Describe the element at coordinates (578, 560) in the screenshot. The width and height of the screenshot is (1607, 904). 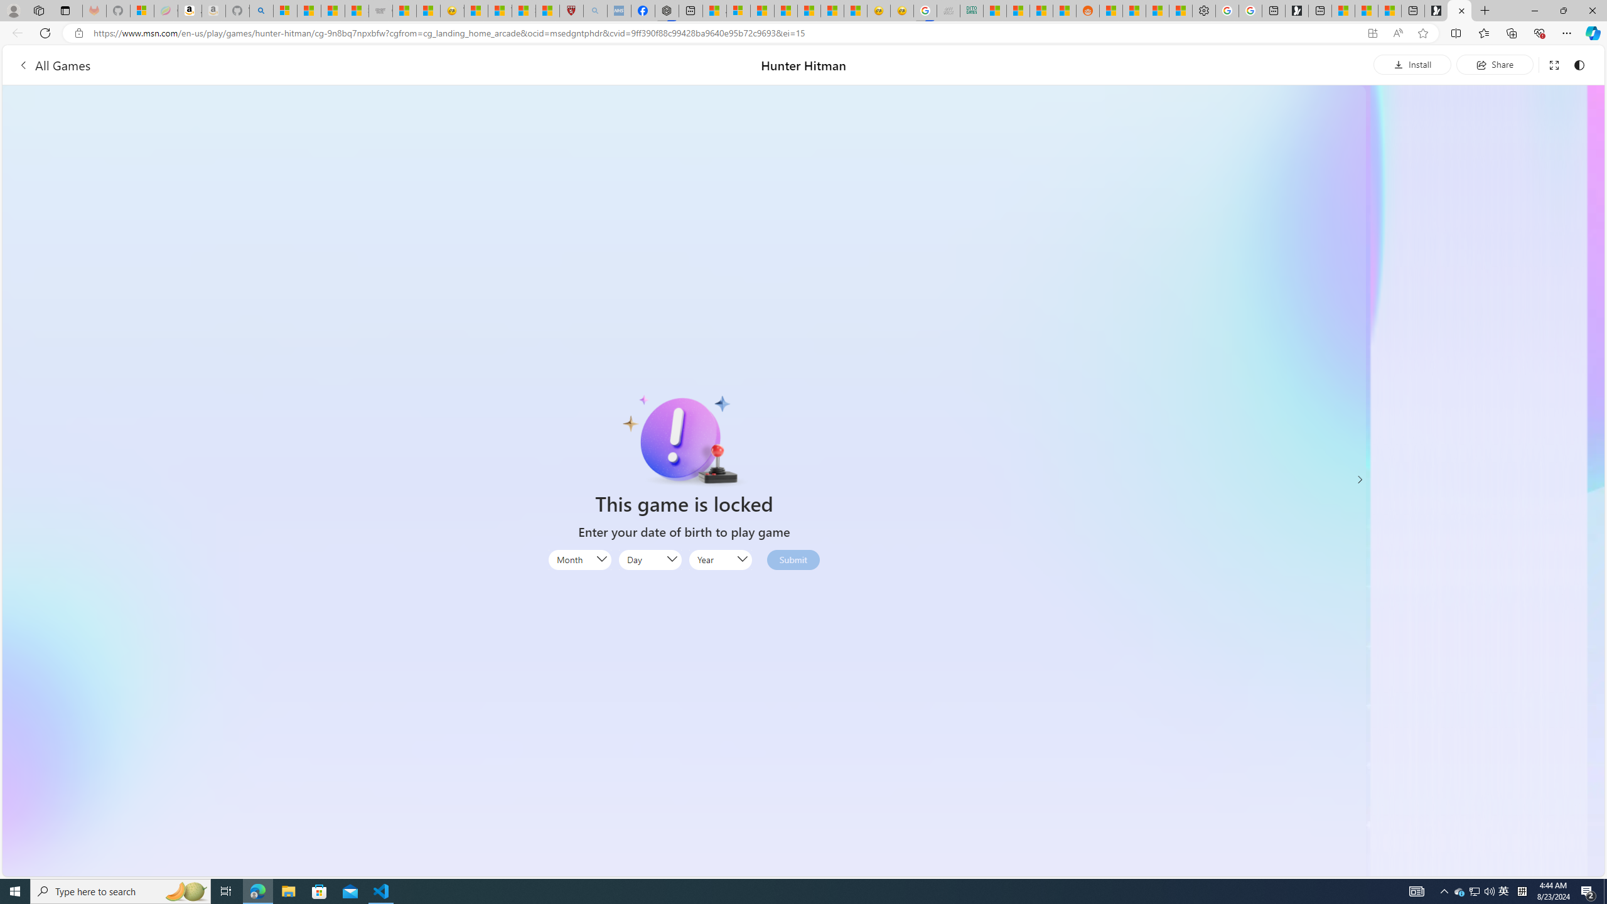
I see `'Month'` at that location.